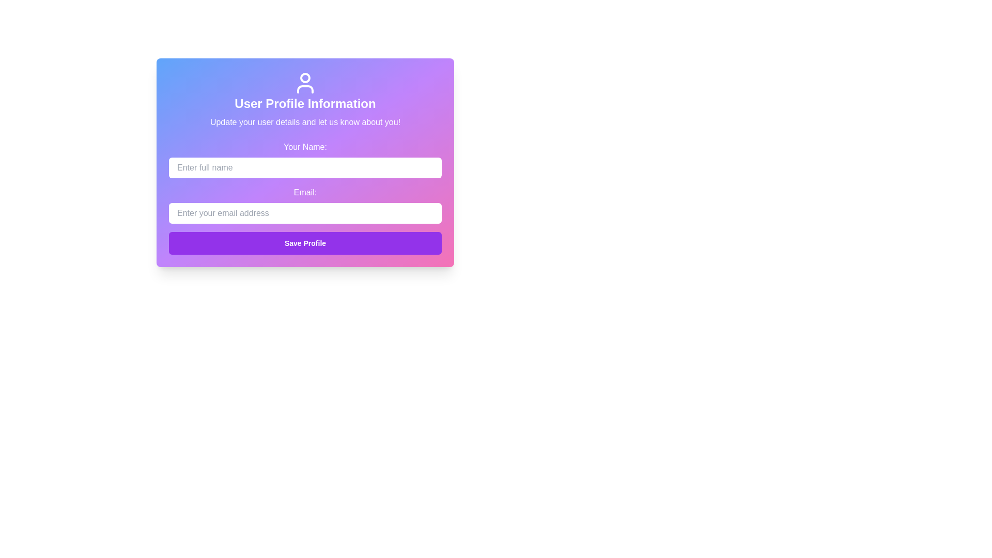  Describe the element at coordinates (304, 205) in the screenshot. I see `the input box labeled 'Email:' to select all text within it` at that location.